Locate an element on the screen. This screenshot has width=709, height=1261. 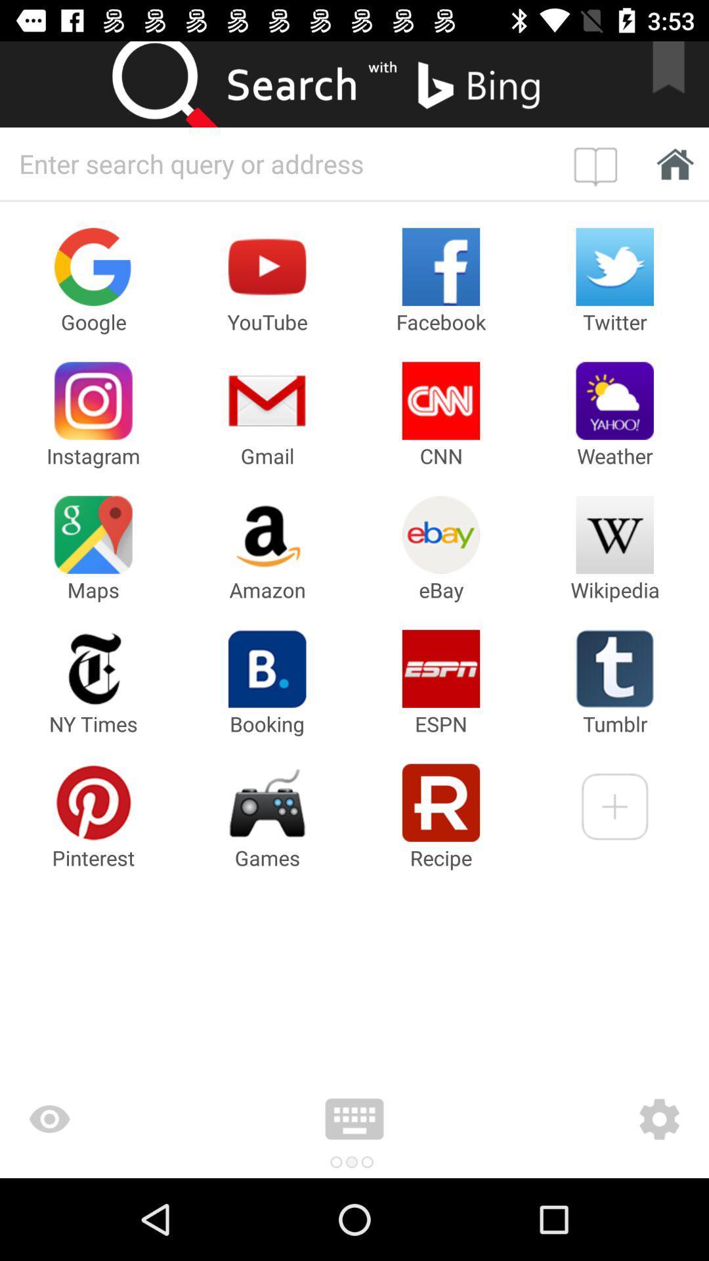
search is located at coordinates (177, 83).